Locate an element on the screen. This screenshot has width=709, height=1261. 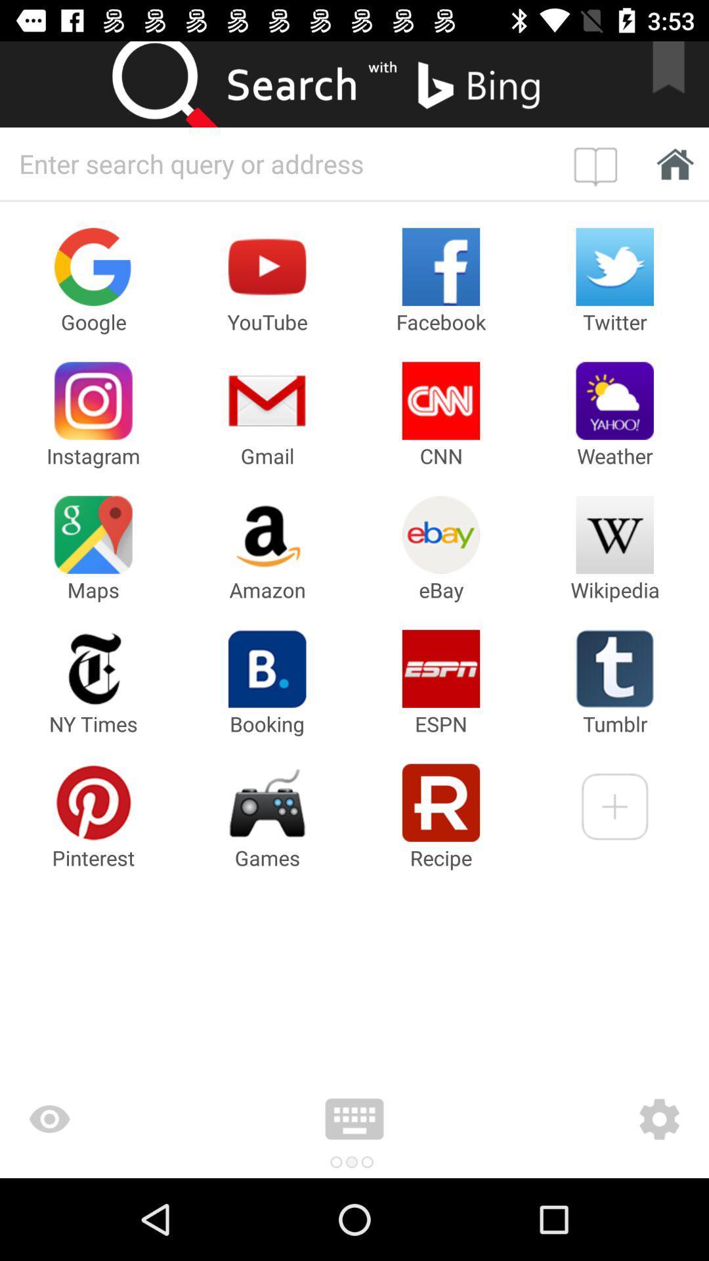
search is located at coordinates (177, 83).